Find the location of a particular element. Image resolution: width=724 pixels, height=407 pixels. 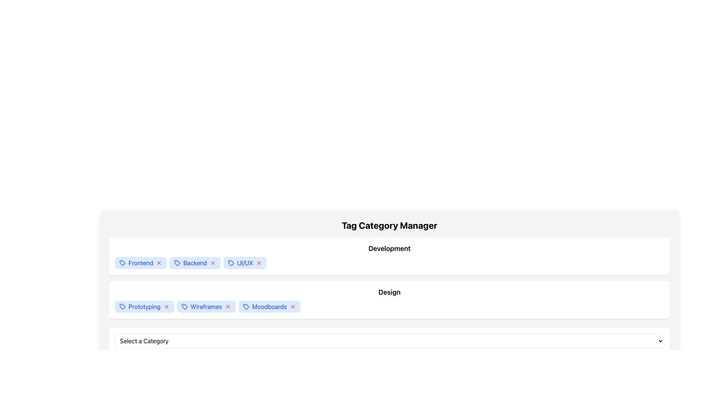

the tag element with a light blue background and dark blue text reading 'Backend', which is the second item in the horizontal list of tags within the 'Development' category is located at coordinates (195, 263).